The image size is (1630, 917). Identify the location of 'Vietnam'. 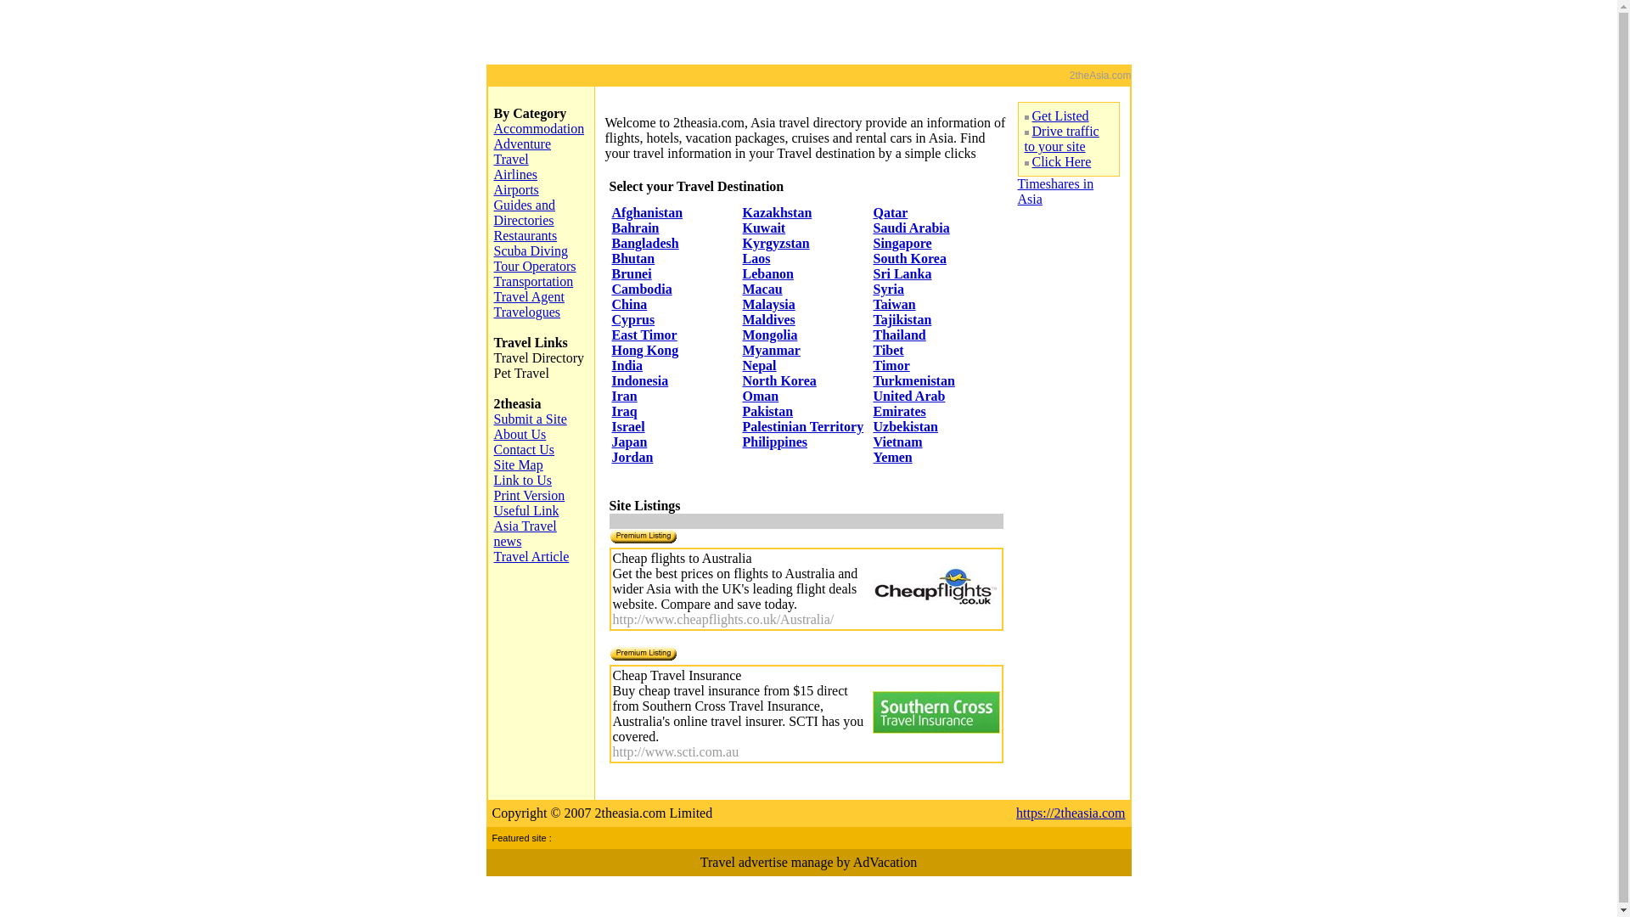
(896, 441).